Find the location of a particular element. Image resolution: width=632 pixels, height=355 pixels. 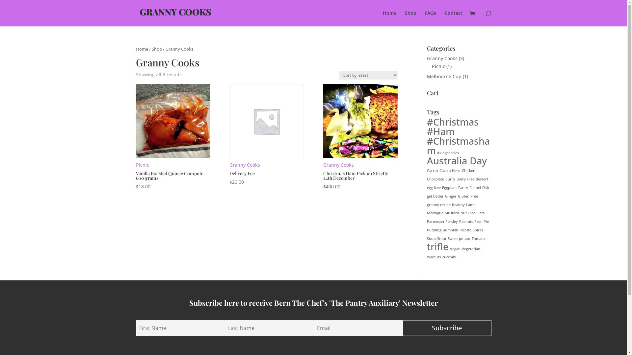

'Soup' is located at coordinates (431, 238).